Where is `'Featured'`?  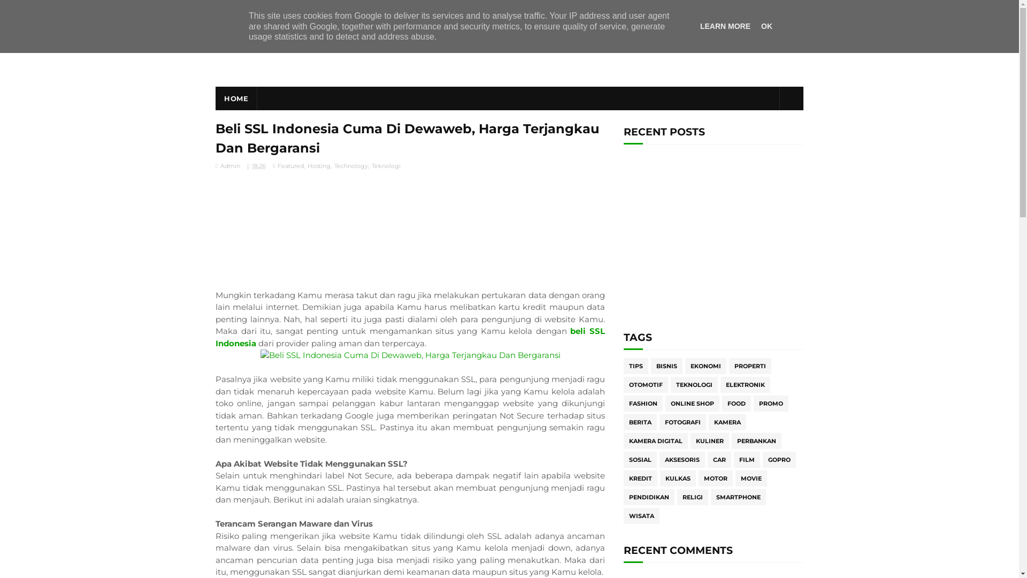
'Featured' is located at coordinates (290, 165).